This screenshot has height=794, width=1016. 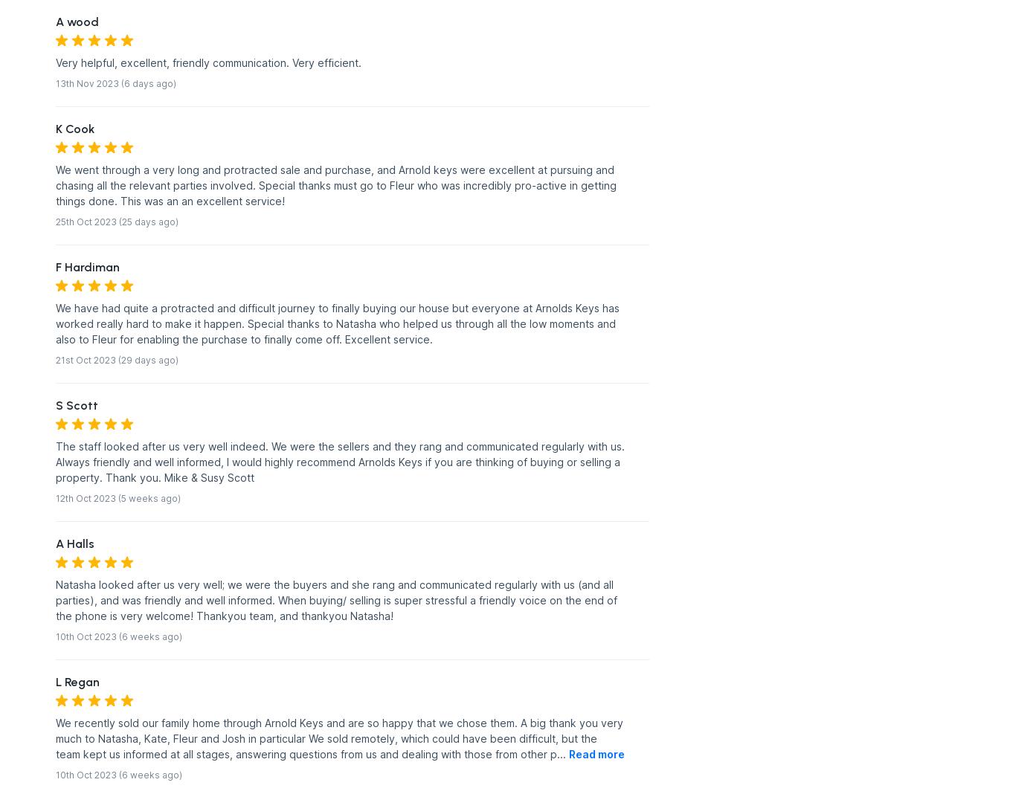 I want to click on 'also to Fleur for enabling the purchase to finally come off. Excellent service.', so click(x=244, y=339).